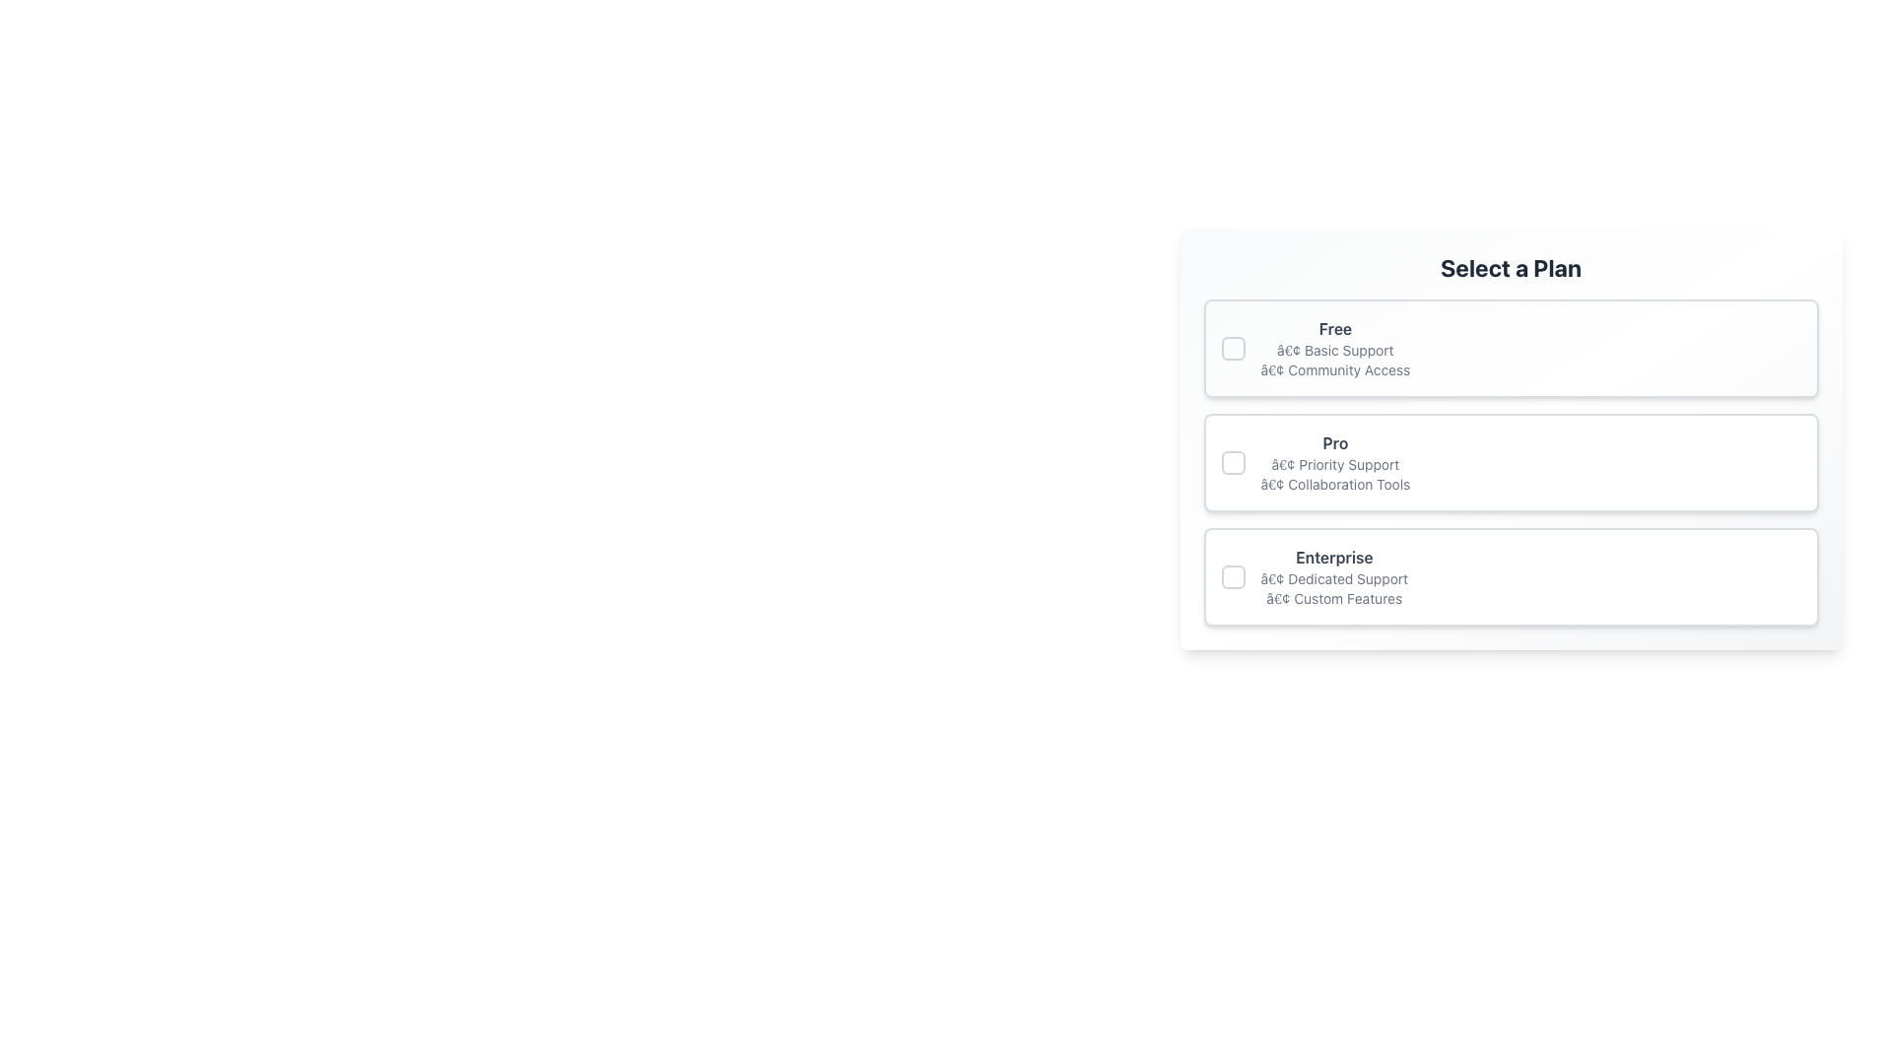 The height and width of the screenshot is (1064, 1892). Describe the element at coordinates (1334, 598) in the screenshot. I see `the descriptive text label for the 'Enterprise' plan option, located below the '• Dedicated Support' line in the 'Select a Plan' interface` at that location.